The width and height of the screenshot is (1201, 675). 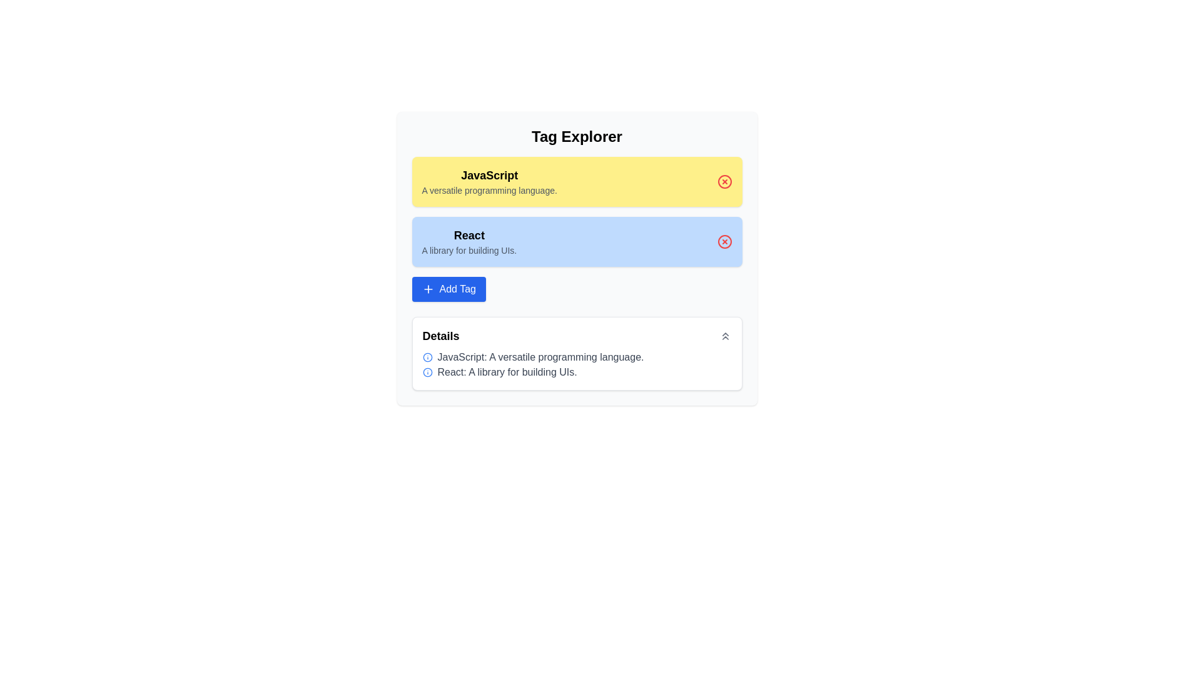 I want to click on the 'Add Tag' button located at the bottom of the 'Tag Explorer' panel, directly below the 'React' section, so click(x=448, y=289).